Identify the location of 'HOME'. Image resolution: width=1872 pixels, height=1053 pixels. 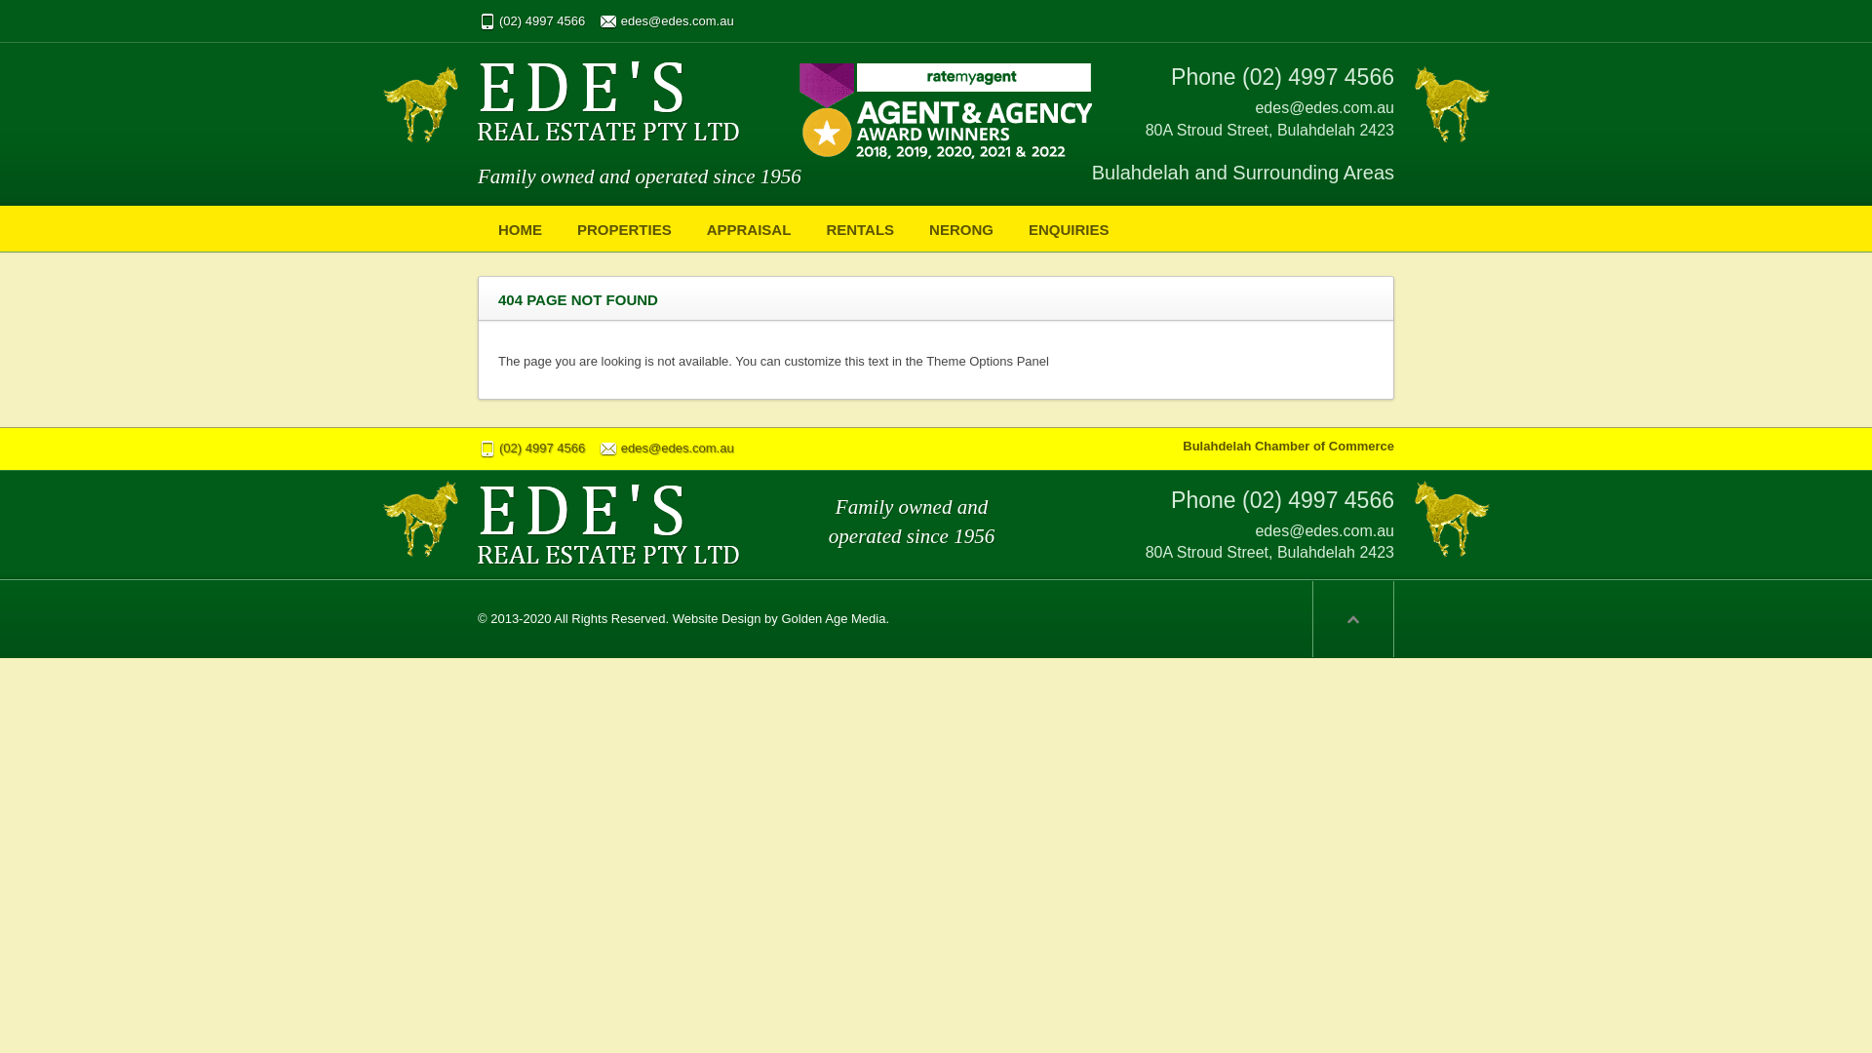
(483, 227).